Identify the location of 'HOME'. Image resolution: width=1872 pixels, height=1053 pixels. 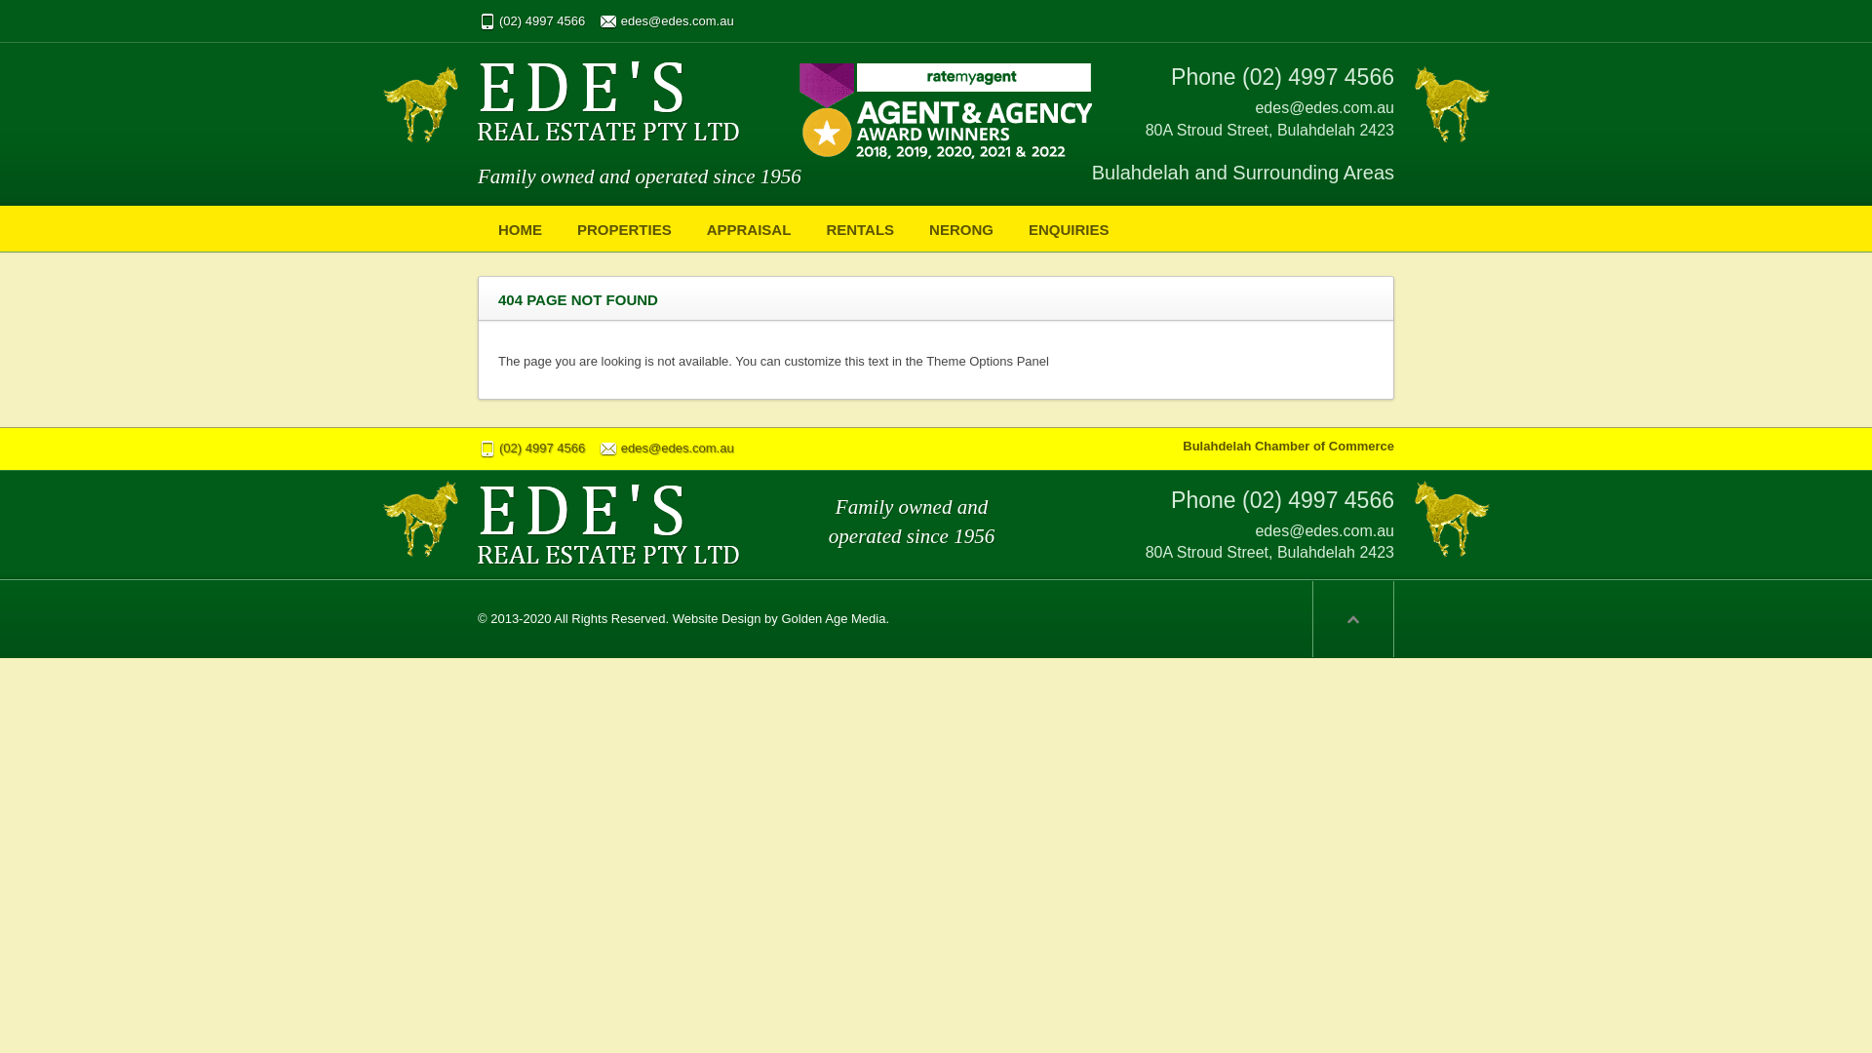
(483, 227).